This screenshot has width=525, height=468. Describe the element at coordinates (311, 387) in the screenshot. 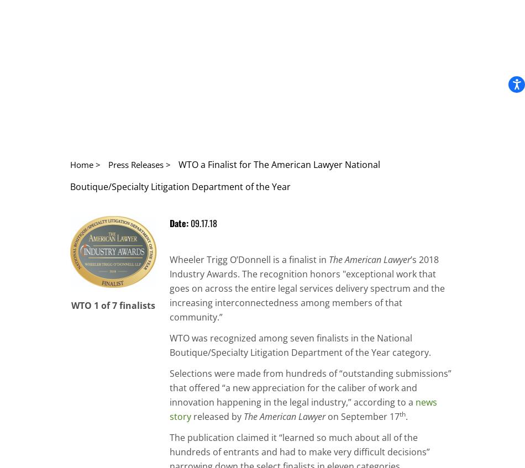

I see `'Selections were made from hundreds of “outstanding submissions” that offered “a new appreciation for the caliber of work and innovation happening in the legal industry,” according to a'` at that location.